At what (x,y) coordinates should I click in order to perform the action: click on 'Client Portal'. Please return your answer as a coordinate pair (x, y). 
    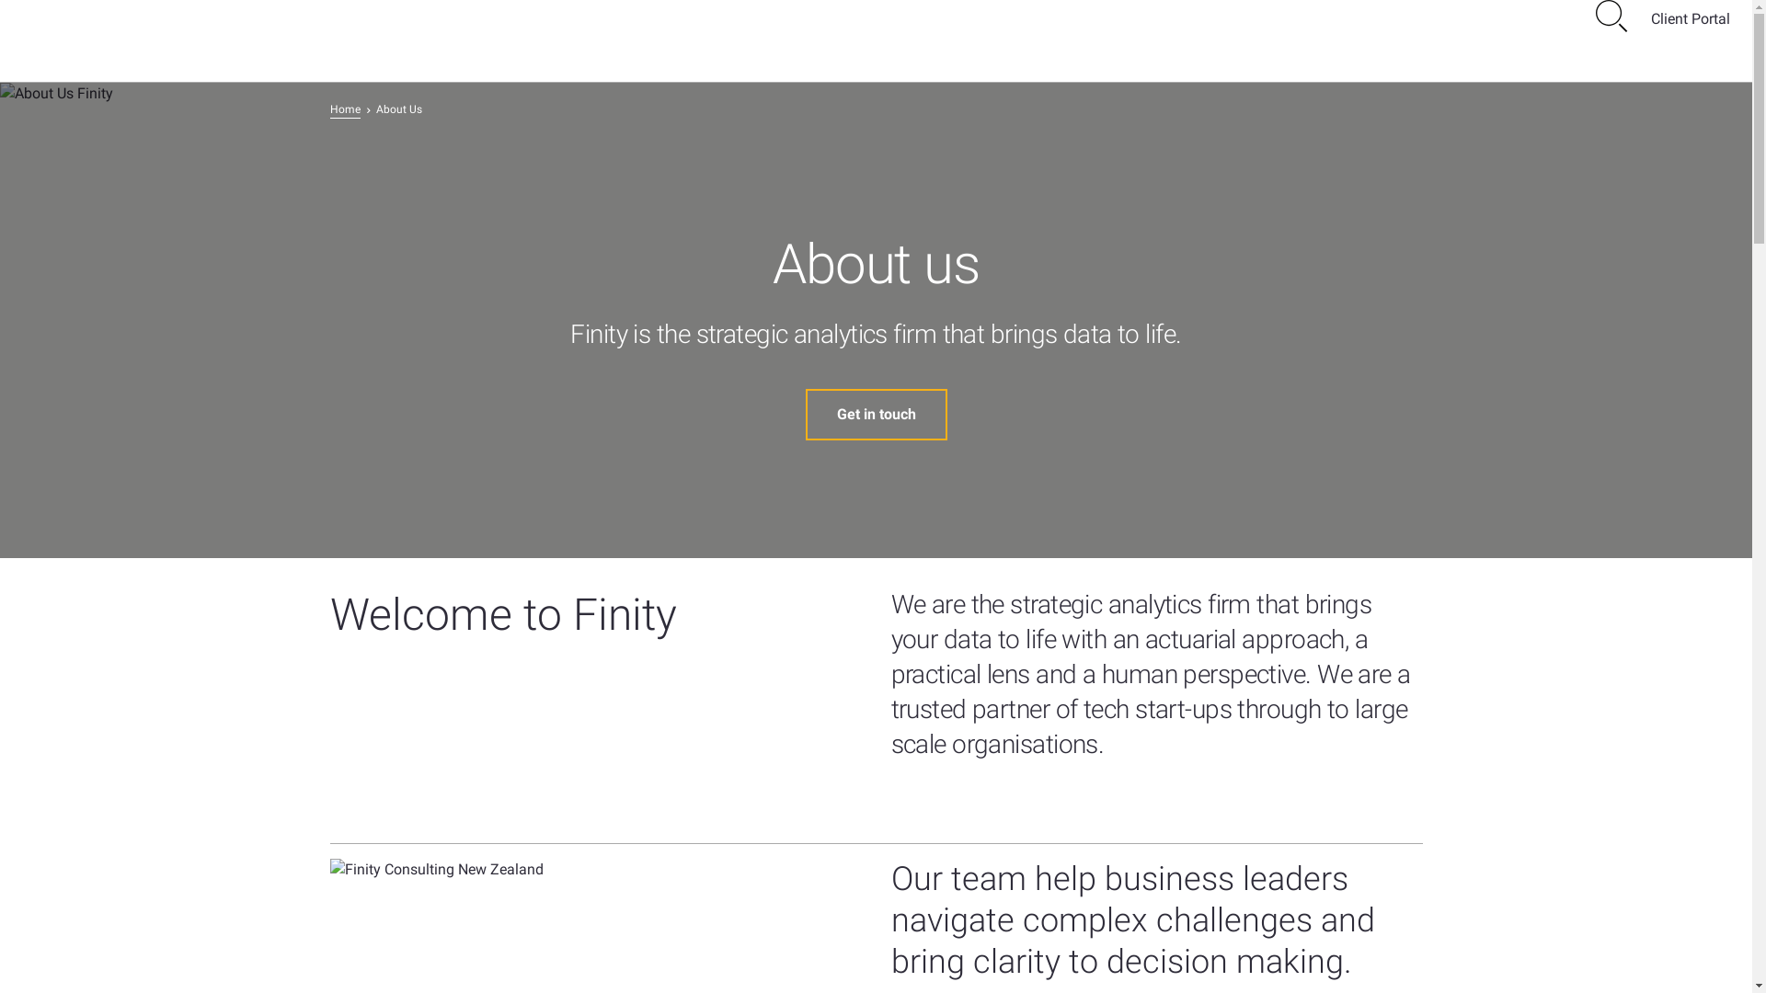
    Looking at the image, I should click on (1691, 18).